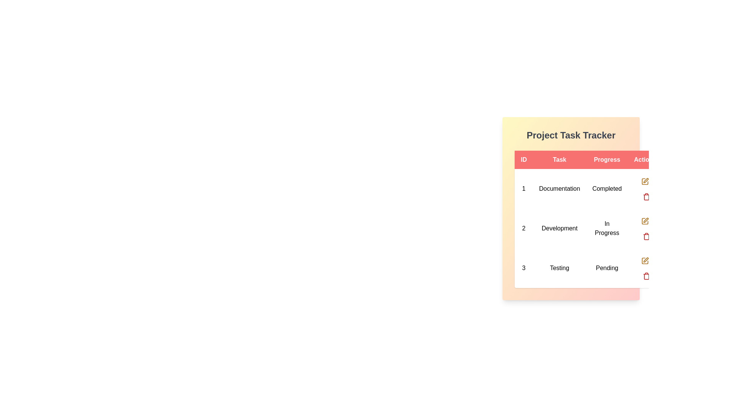  Describe the element at coordinates (559, 159) in the screenshot. I see `the column header Task to inspect it` at that location.